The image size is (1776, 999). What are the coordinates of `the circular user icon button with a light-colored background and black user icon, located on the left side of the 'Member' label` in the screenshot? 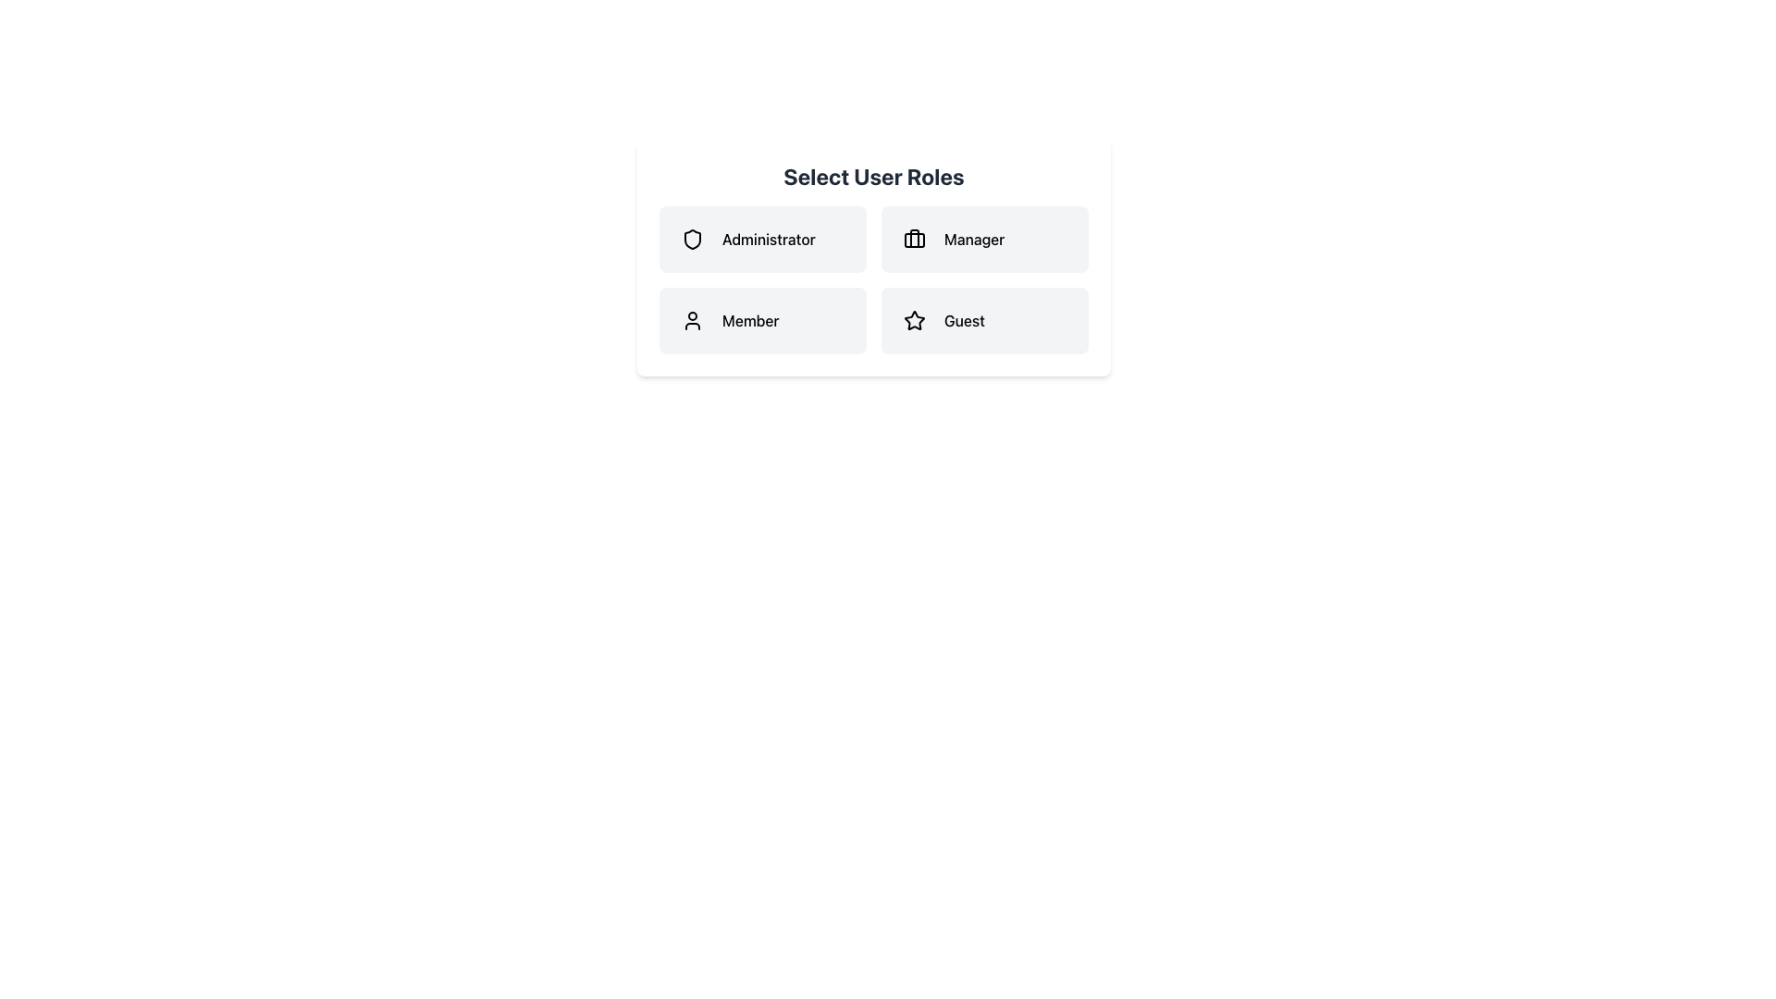 It's located at (691, 320).